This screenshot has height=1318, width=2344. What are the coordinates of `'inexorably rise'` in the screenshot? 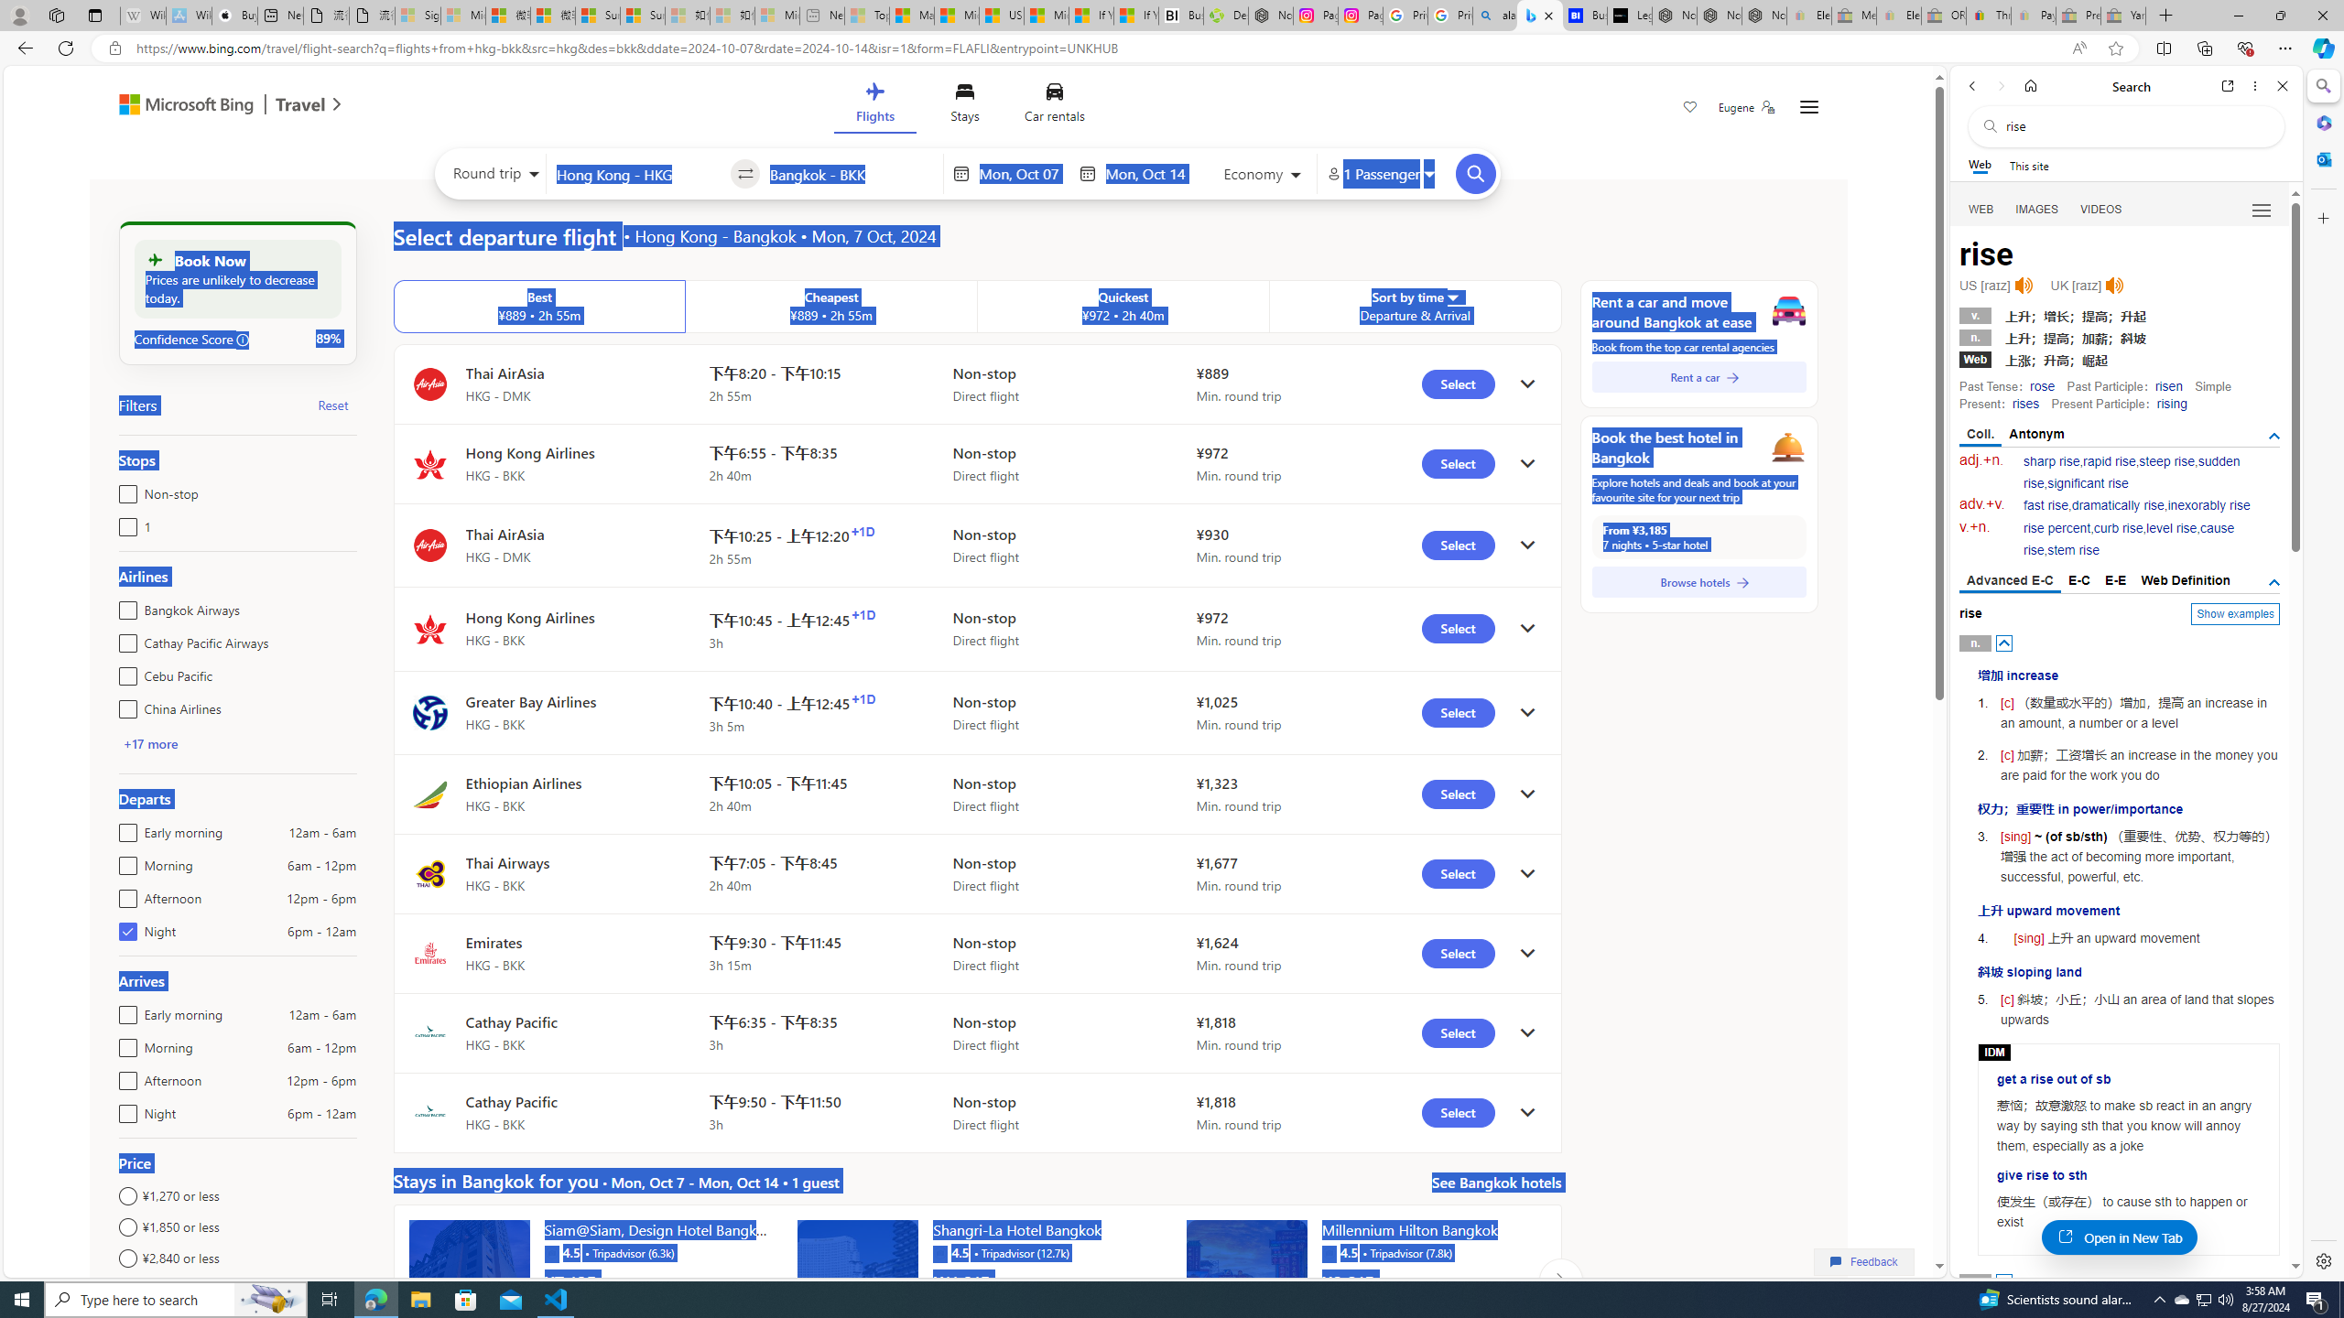 It's located at (2208, 504).